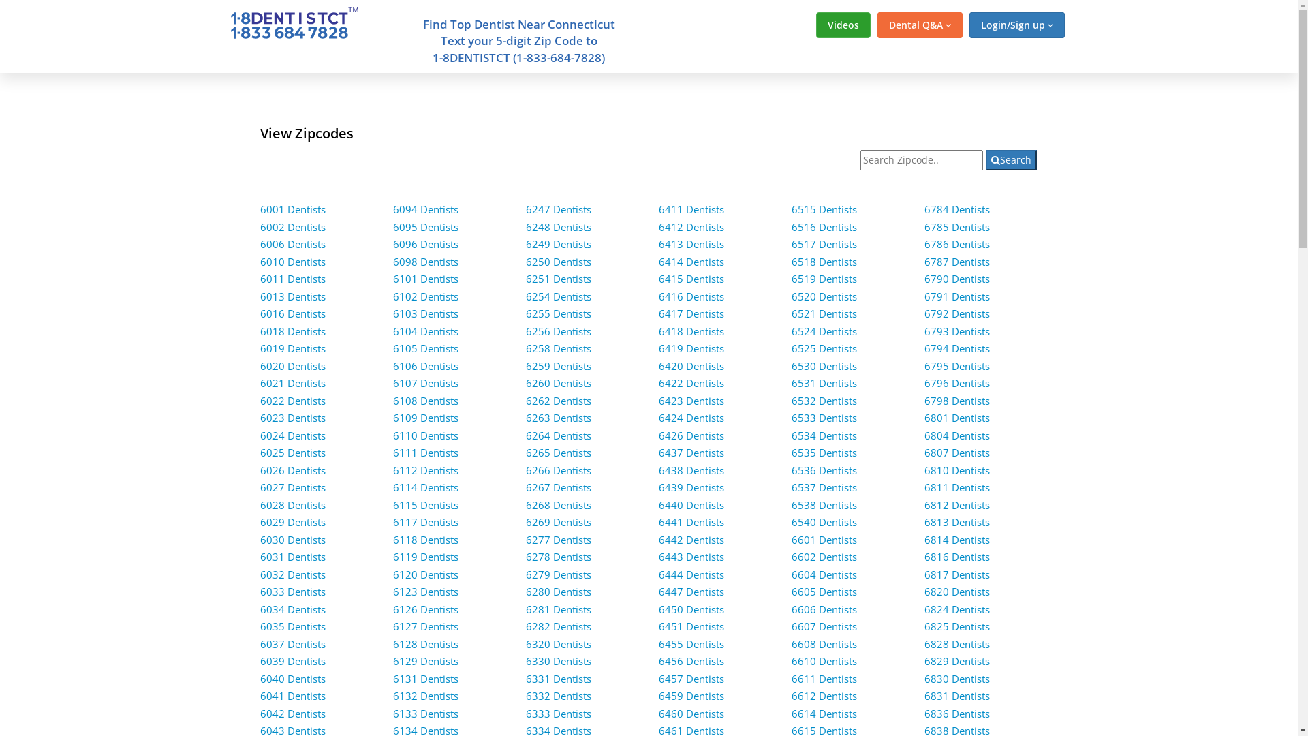 Image resolution: width=1308 pixels, height=736 pixels. What do you see at coordinates (559, 277) in the screenshot?
I see `'6251 Dentists'` at bounding box center [559, 277].